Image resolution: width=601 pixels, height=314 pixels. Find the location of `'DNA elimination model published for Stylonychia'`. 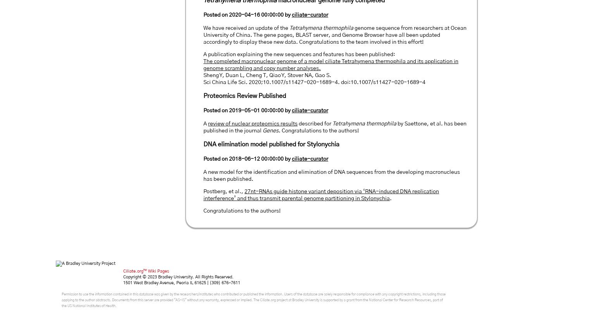

'DNA elimination model published for Stylonychia' is located at coordinates (203, 144).